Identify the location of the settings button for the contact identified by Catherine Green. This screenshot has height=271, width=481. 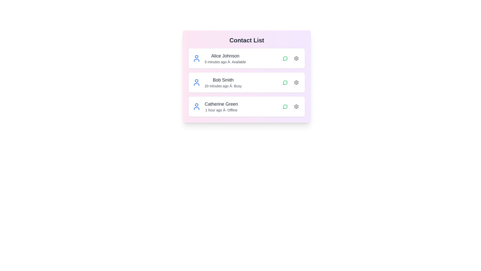
(296, 106).